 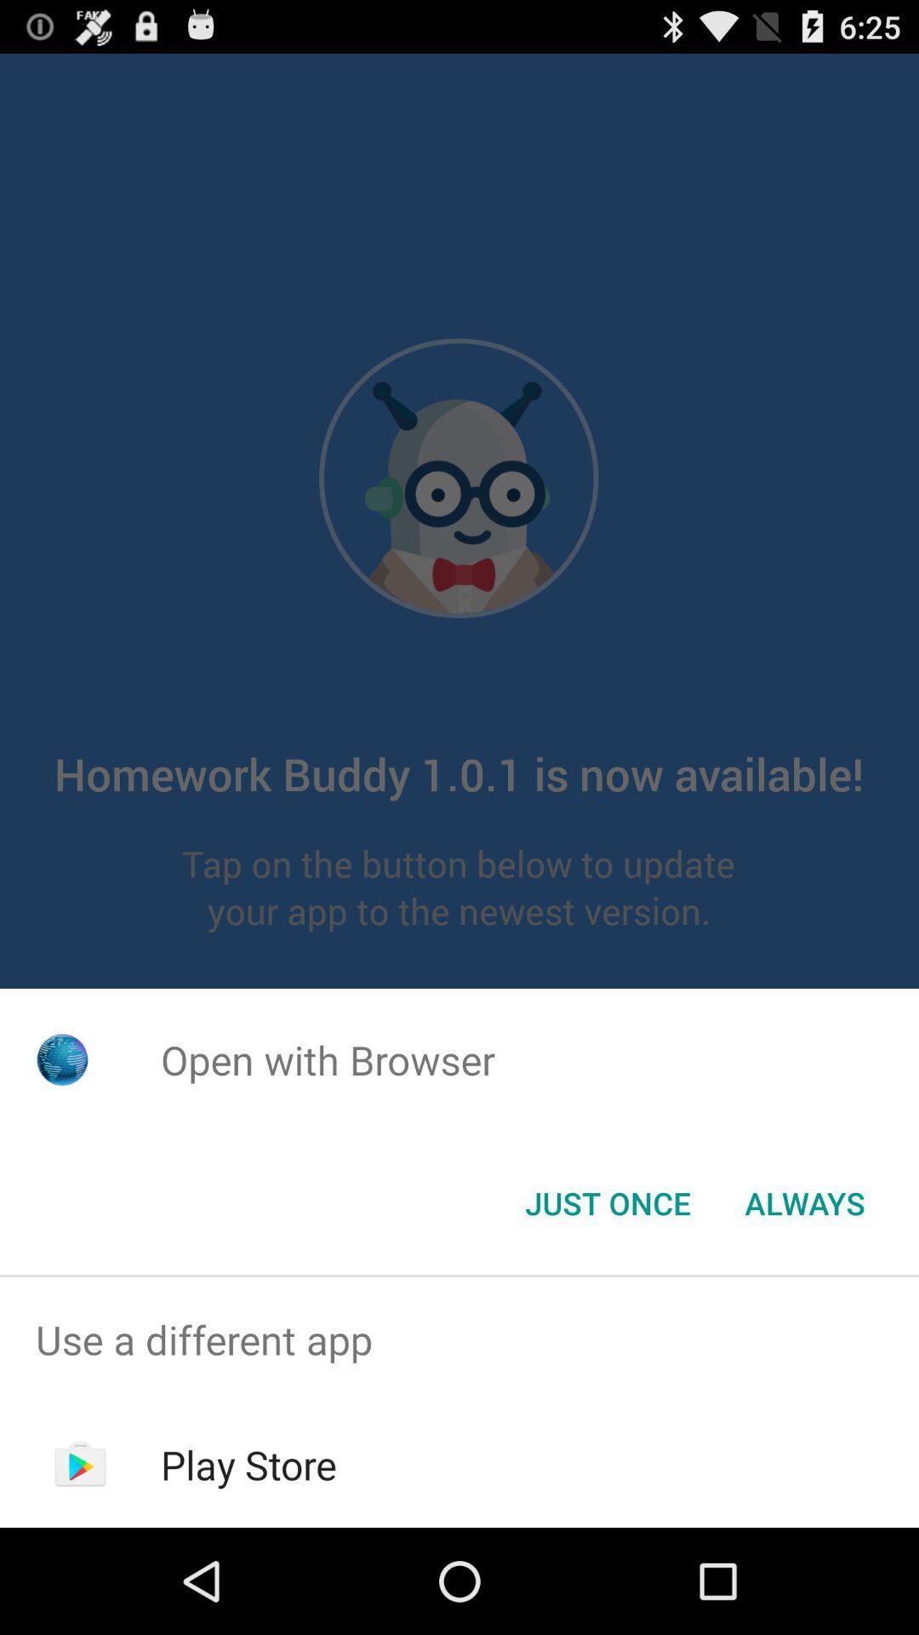 I want to click on play store item, so click(x=248, y=1464).